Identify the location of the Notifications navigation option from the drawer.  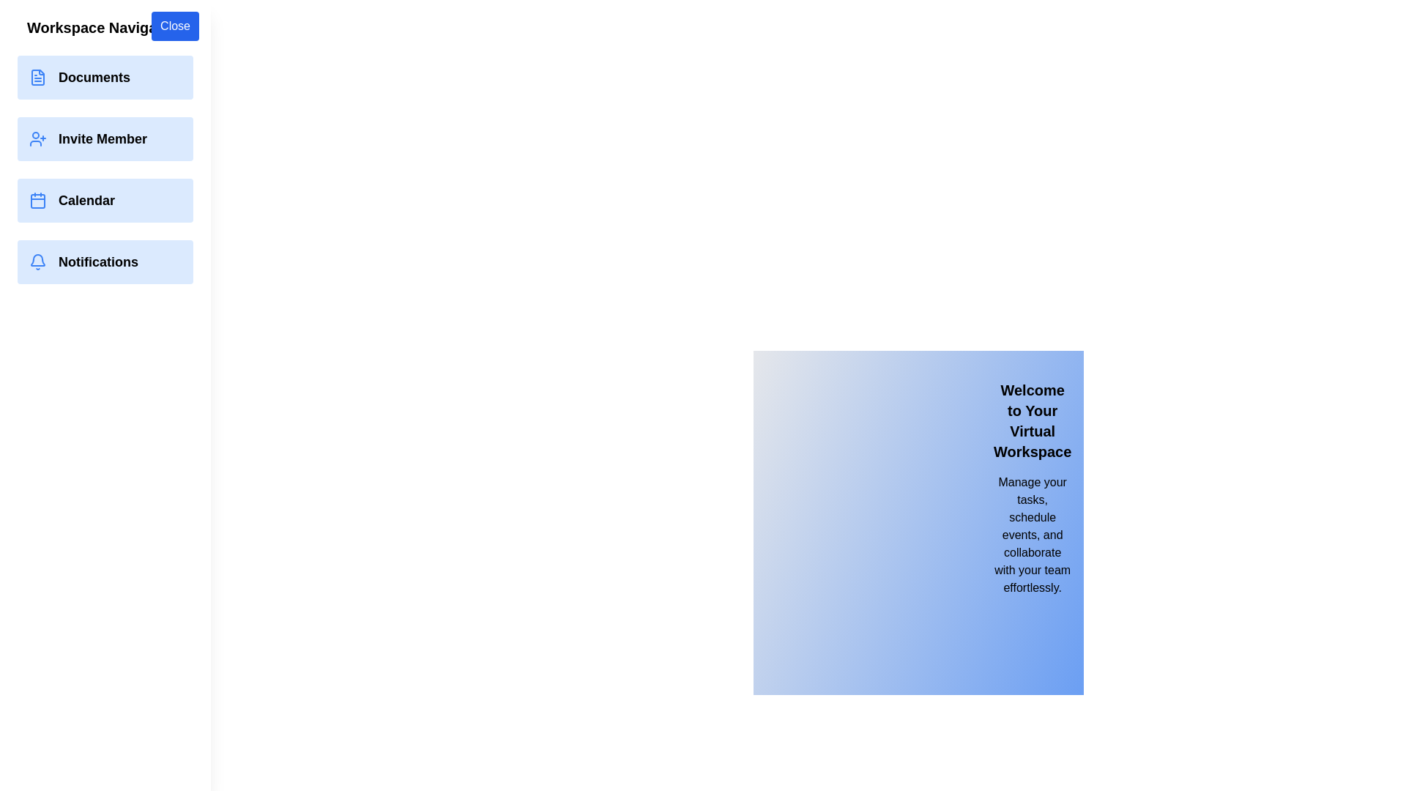
(105, 261).